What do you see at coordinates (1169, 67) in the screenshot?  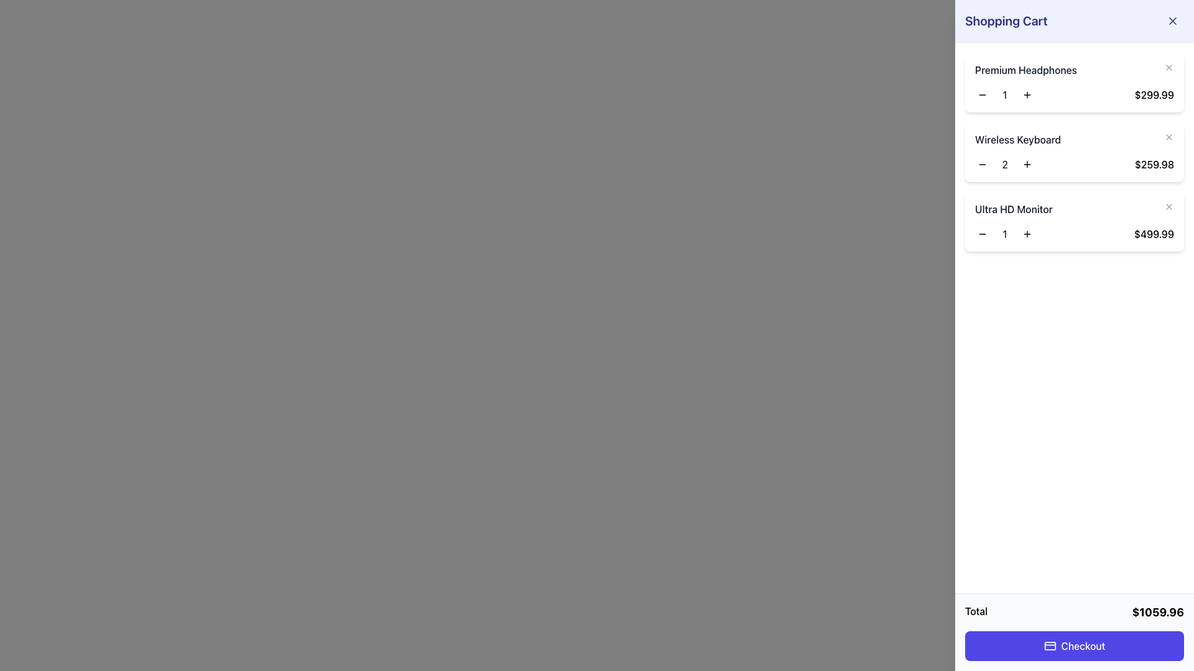 I see `the close (×) icon button located to the far right of 'Premium Headphones' in the shopping cart section to change its color to red` at bounding box center [1169, 67].